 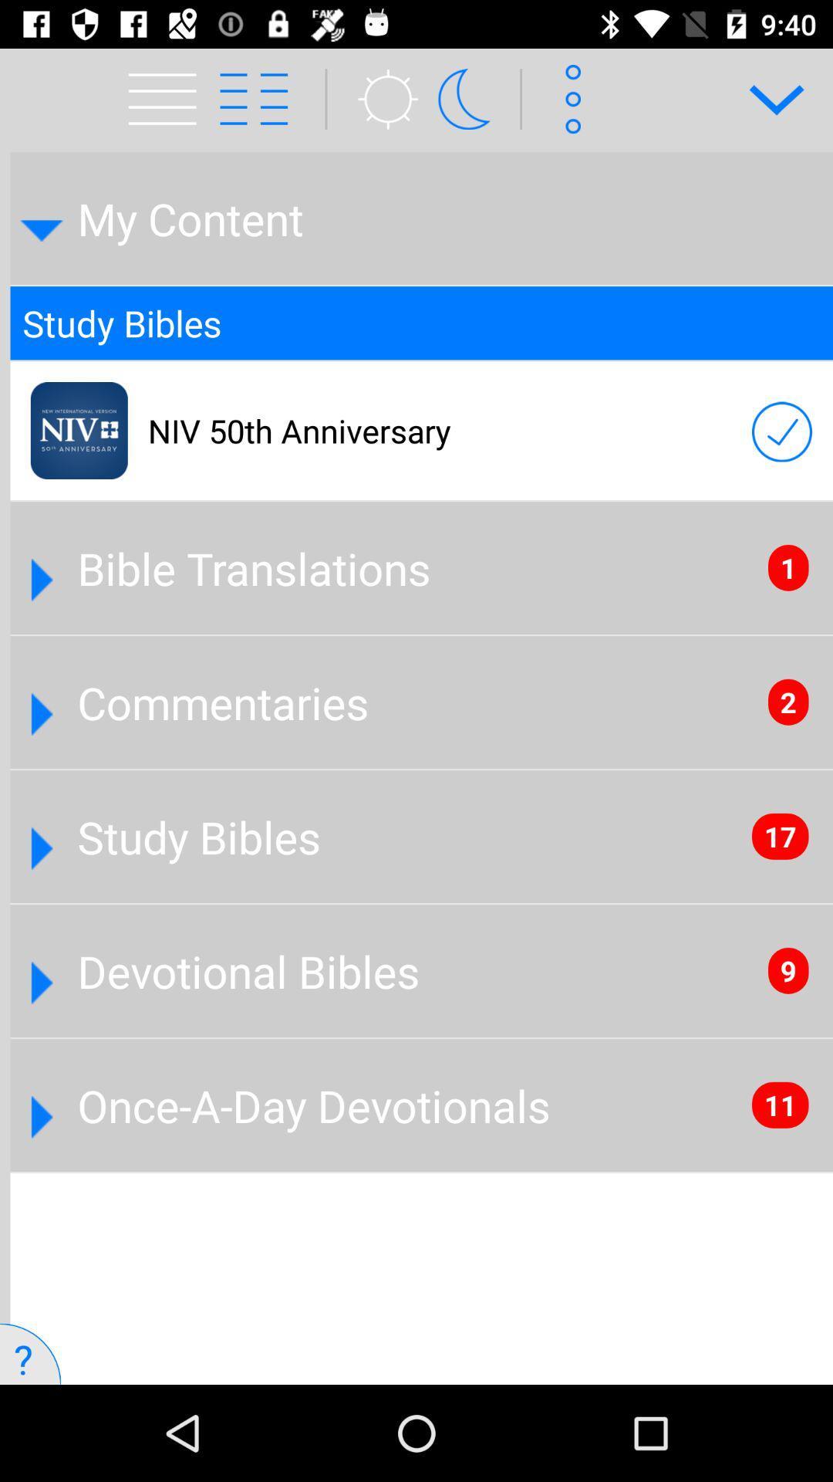 I want to click on home button at top left, so click(x=167, y=98).